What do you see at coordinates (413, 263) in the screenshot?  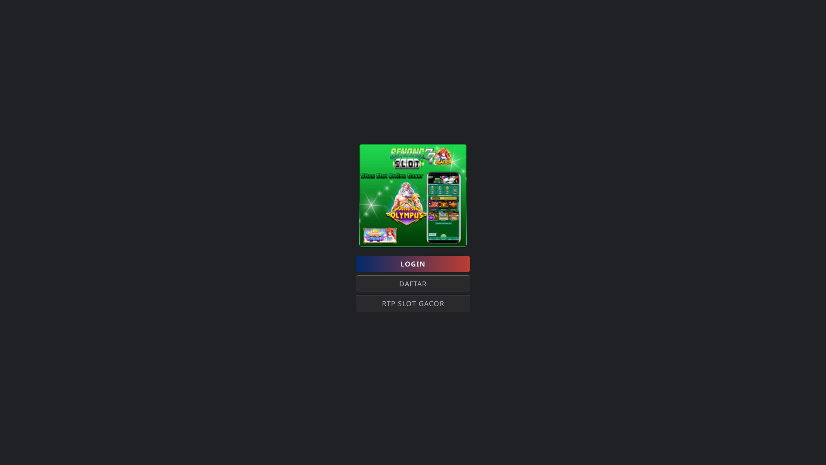 I see `'LOGIN'` at bounding box center [413, 263].